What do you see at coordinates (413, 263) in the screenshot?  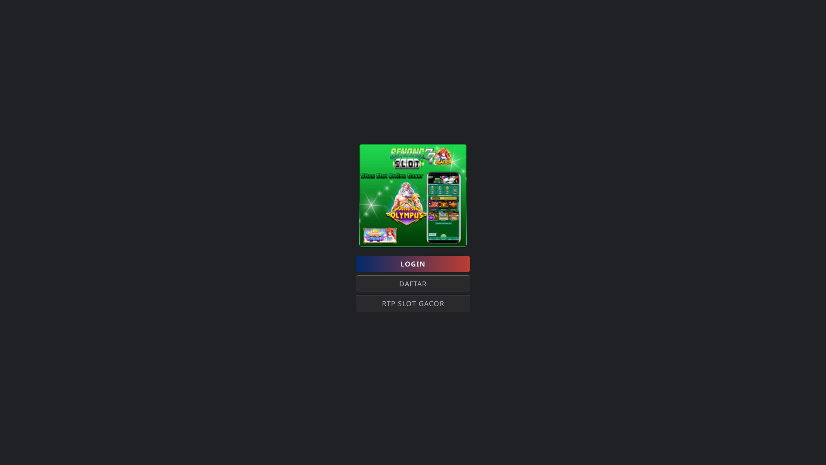 I see `'LOGIN'` at bounding box center [413, 263].